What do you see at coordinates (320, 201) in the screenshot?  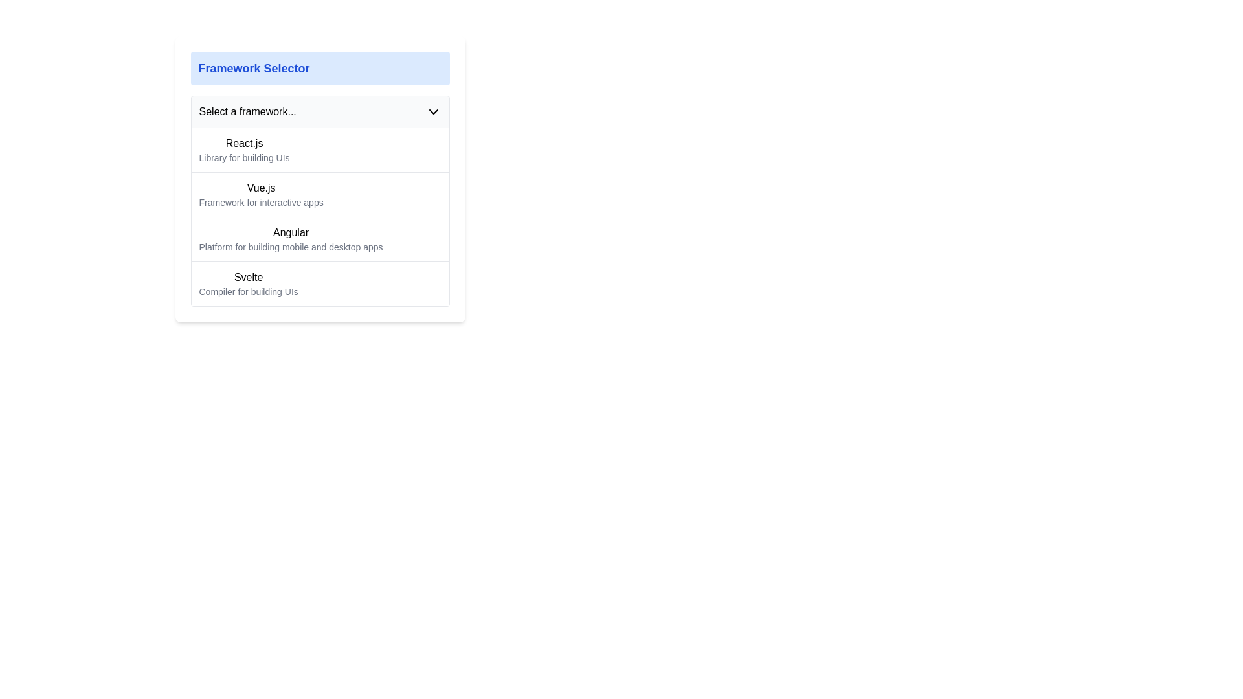 I see `the options in the 'Framework Selector' dropdown menu` at bounding box center [320, 201].